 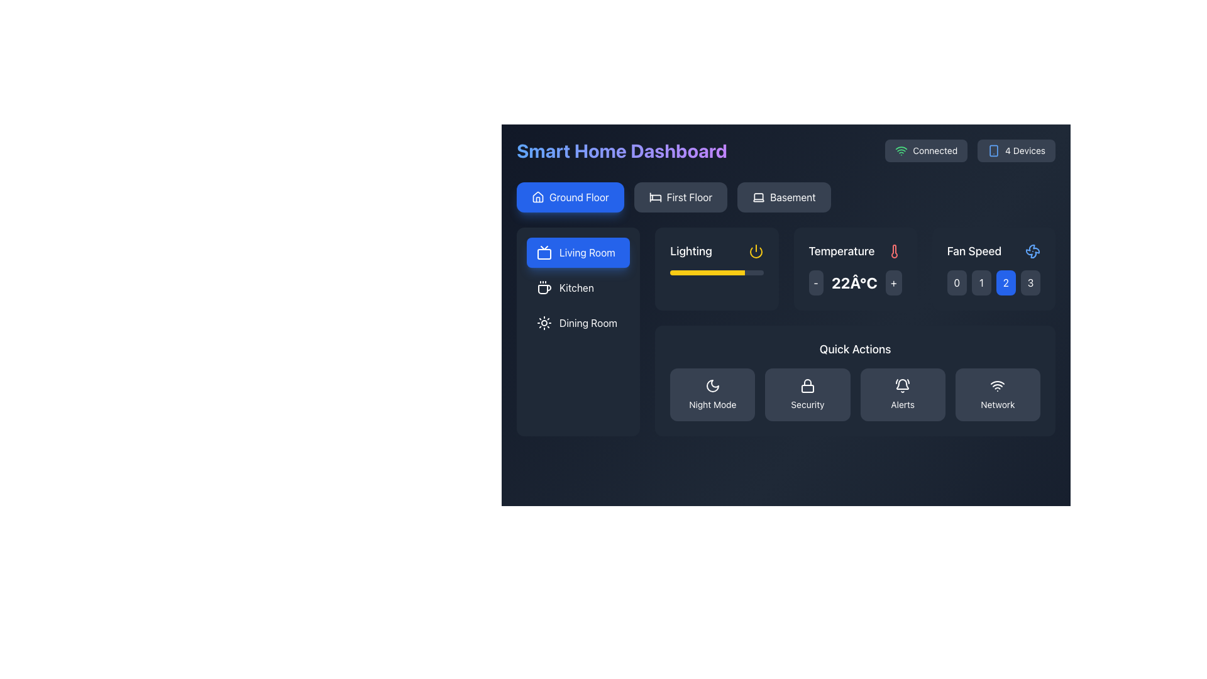 What do you see at coordinates (808, 405) in the screenshot?
I see `the text label displaying 'Security' located at the bottom section of the 'Security' button in the 'Quick Actions' section` at bounding box center [808, 405].